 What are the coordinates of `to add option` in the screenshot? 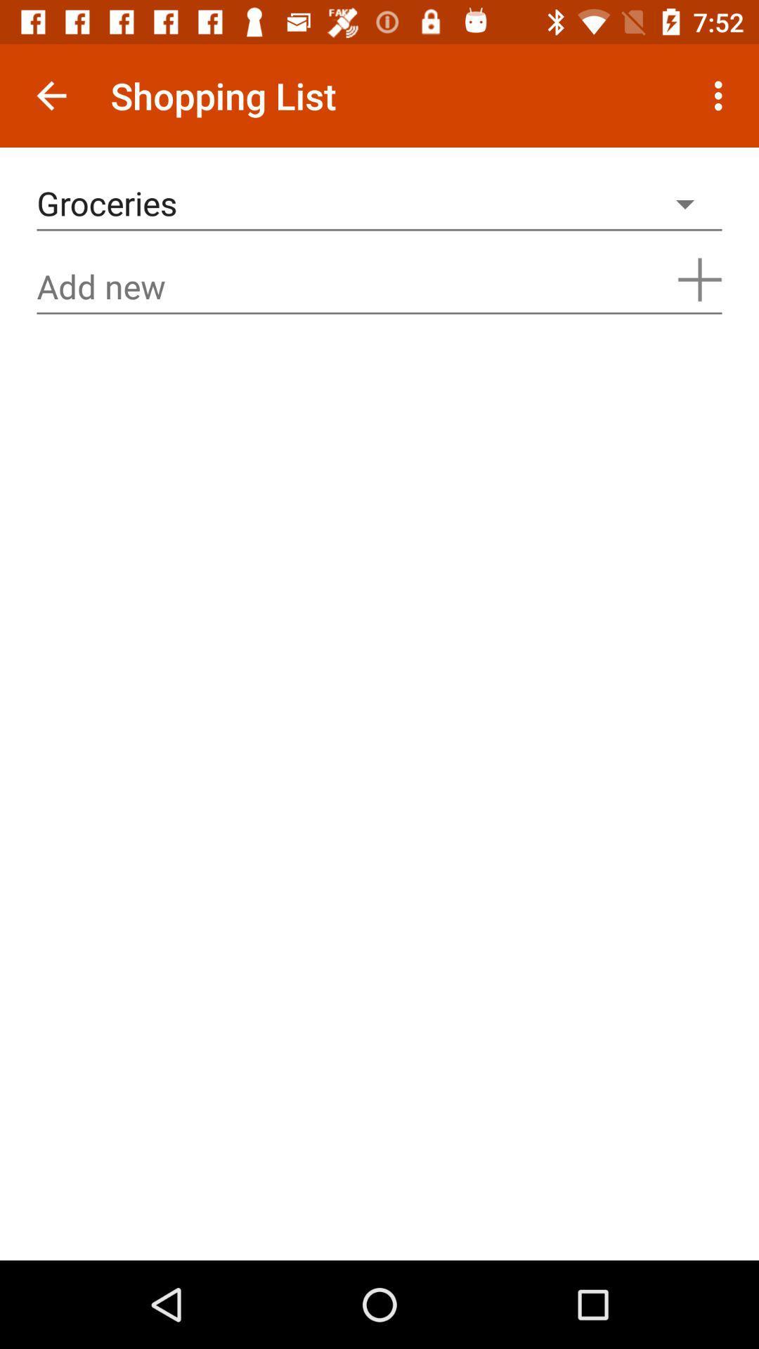 It's located at (699, 280).